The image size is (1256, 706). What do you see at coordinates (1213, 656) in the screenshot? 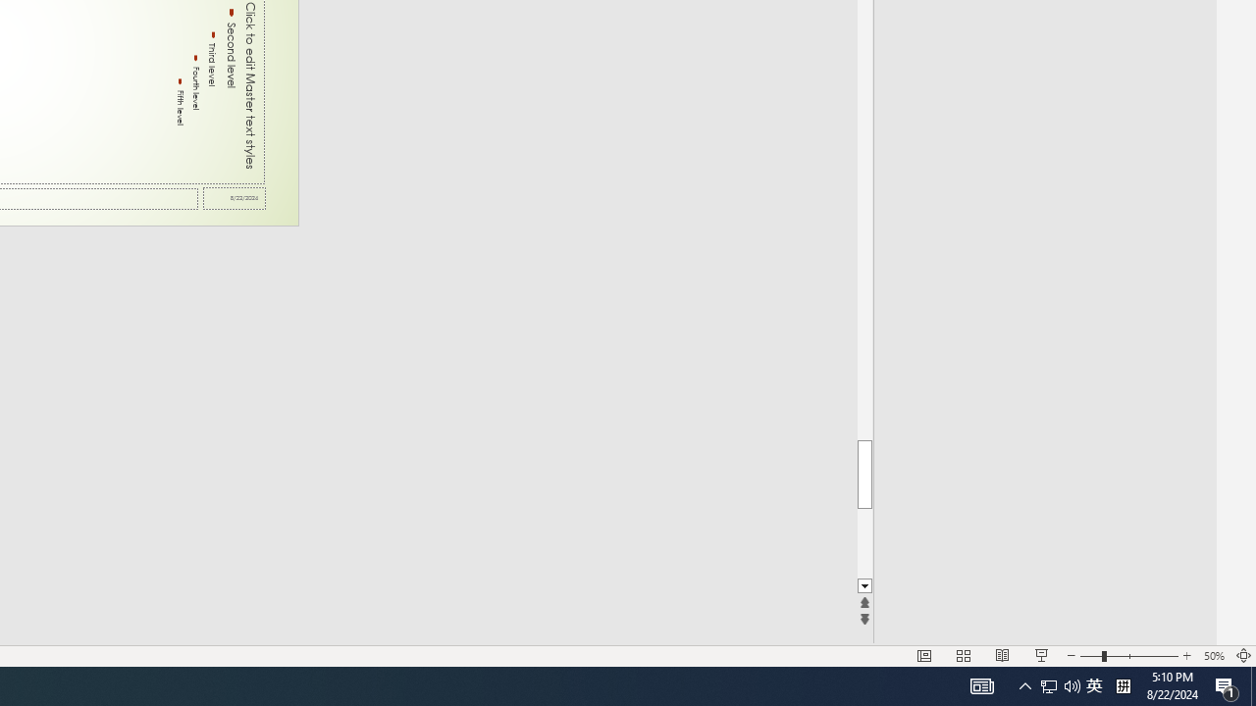
I see `'Zoom 50%'` at bounding box center [1213, 656].